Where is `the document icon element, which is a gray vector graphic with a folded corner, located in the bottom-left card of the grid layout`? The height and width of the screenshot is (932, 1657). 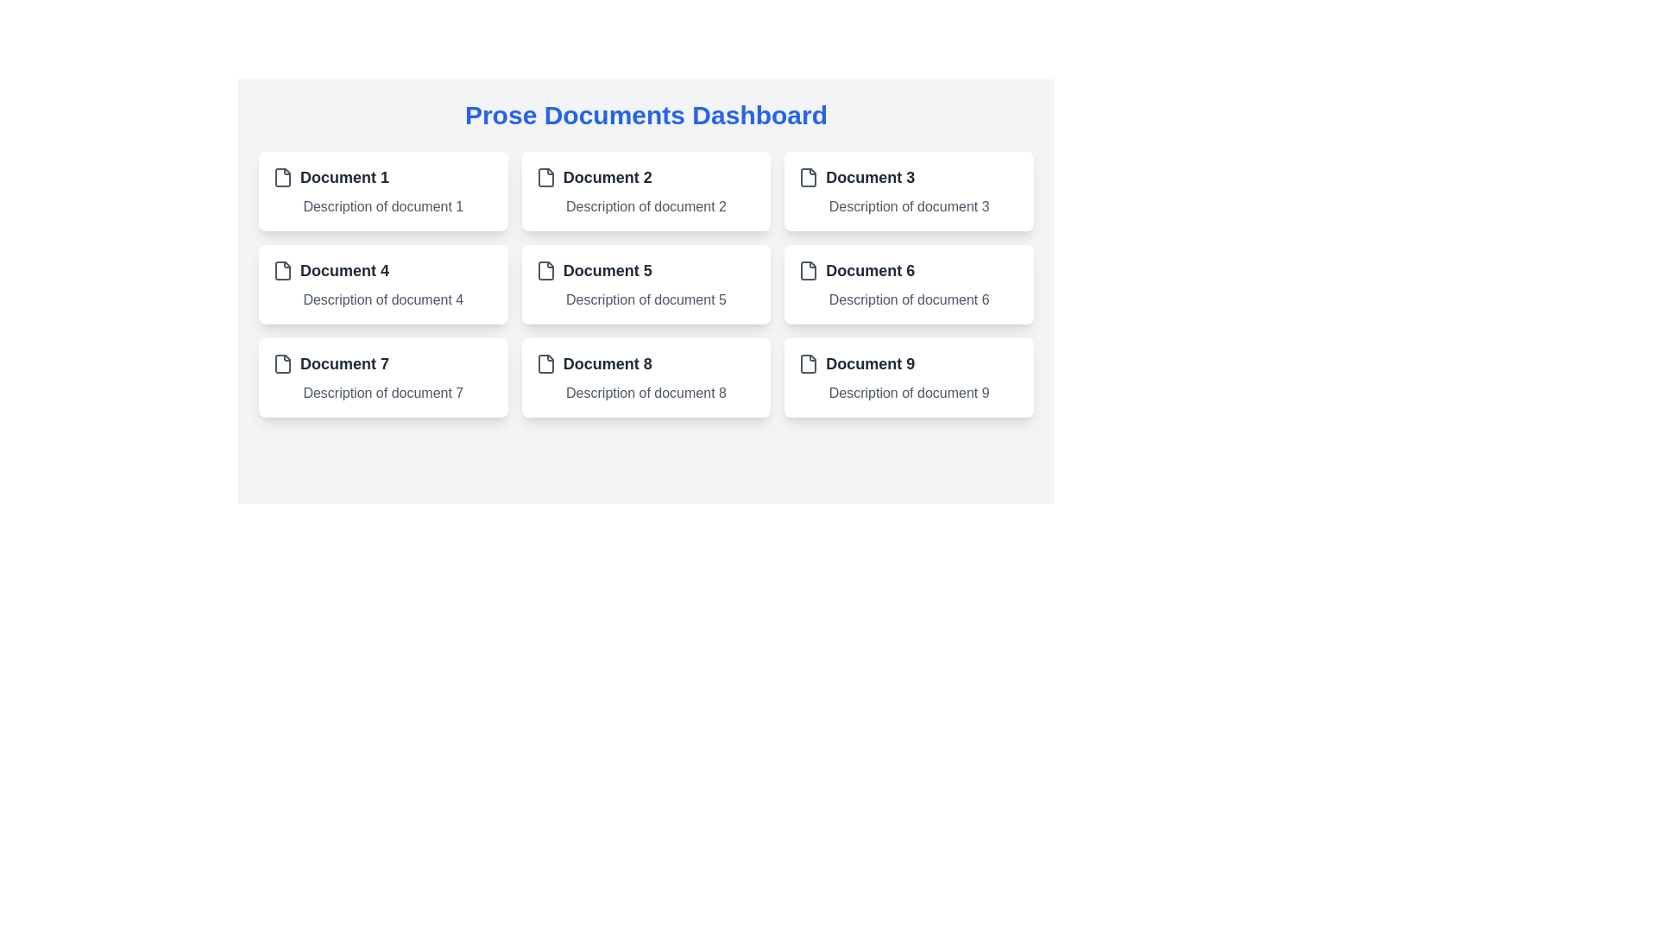
the document icon element, which is a gray vector graphic with a folded corner, located in the bottom-left card of the grid layout is located at coordinates (282, 362).